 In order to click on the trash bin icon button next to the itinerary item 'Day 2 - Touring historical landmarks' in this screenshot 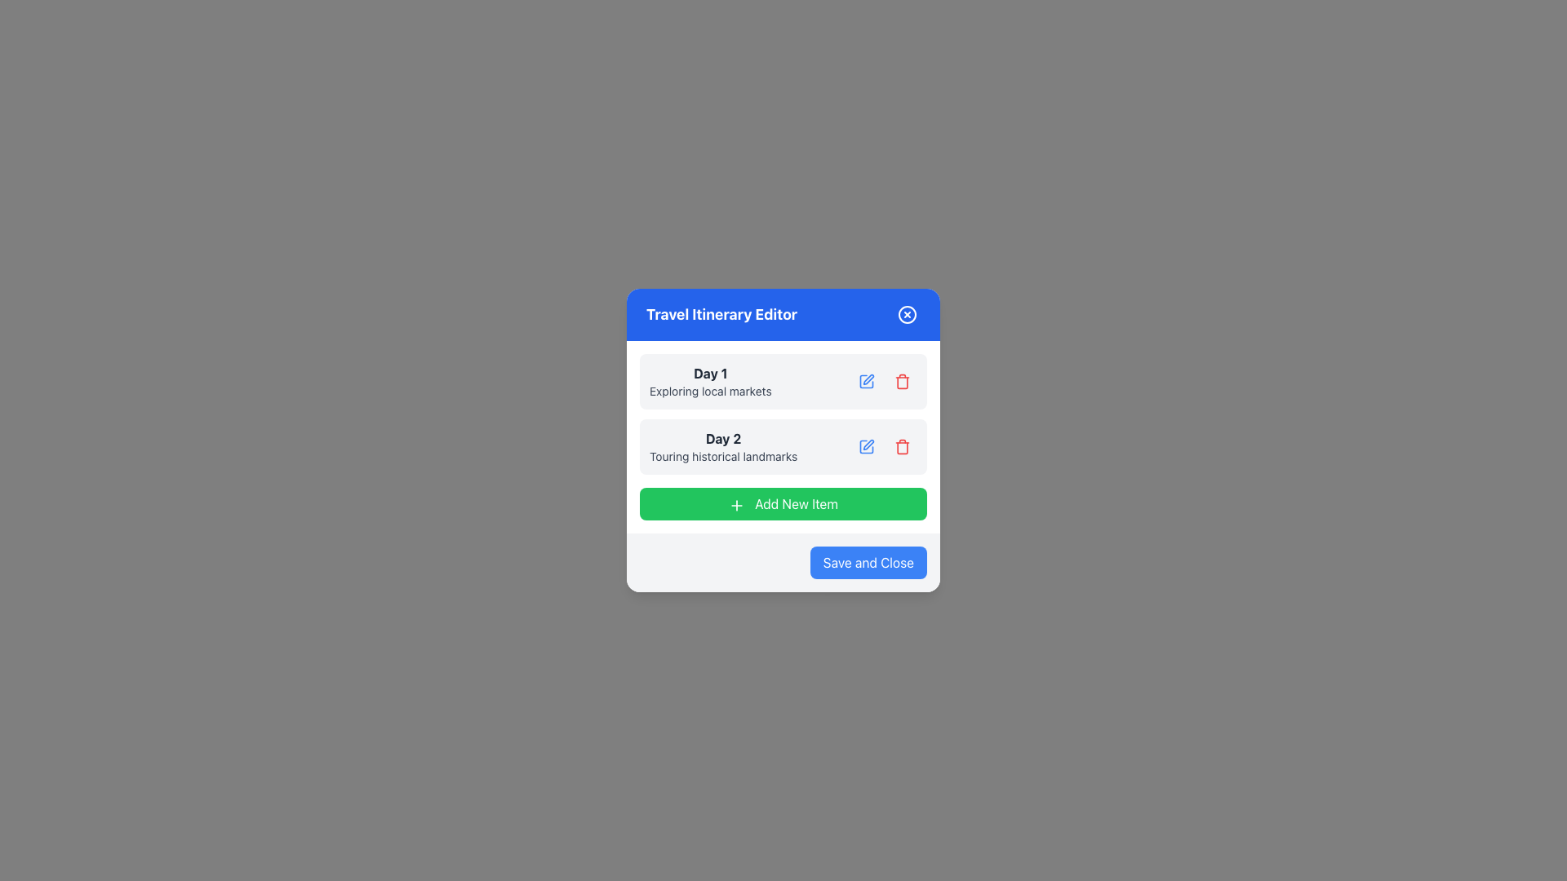, I will do `click(901, 446)`.